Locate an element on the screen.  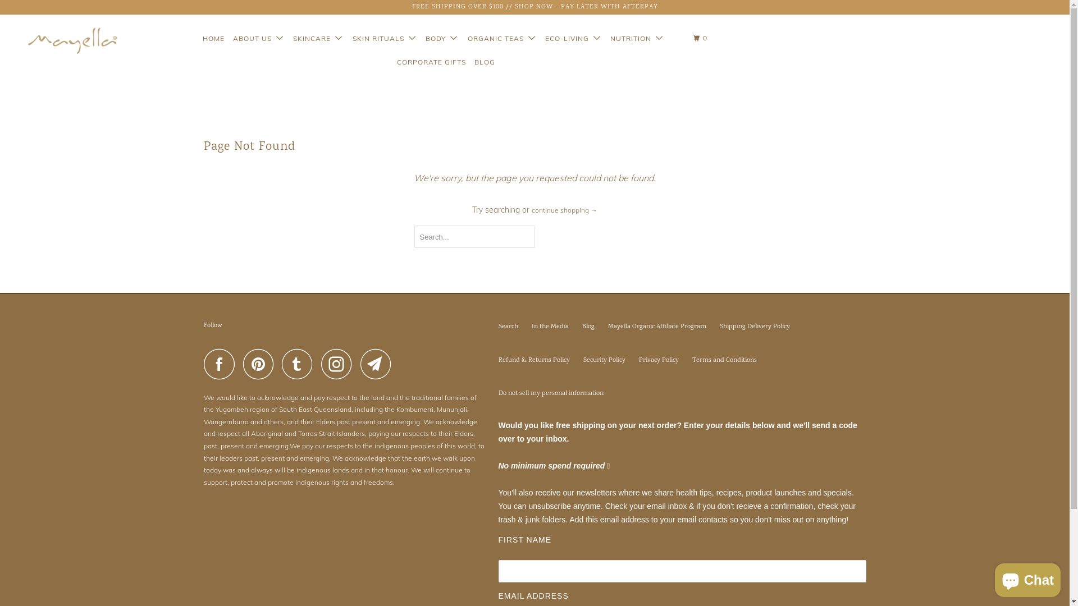
'Email Mayella Organics' is located at coordinates (379, 364).